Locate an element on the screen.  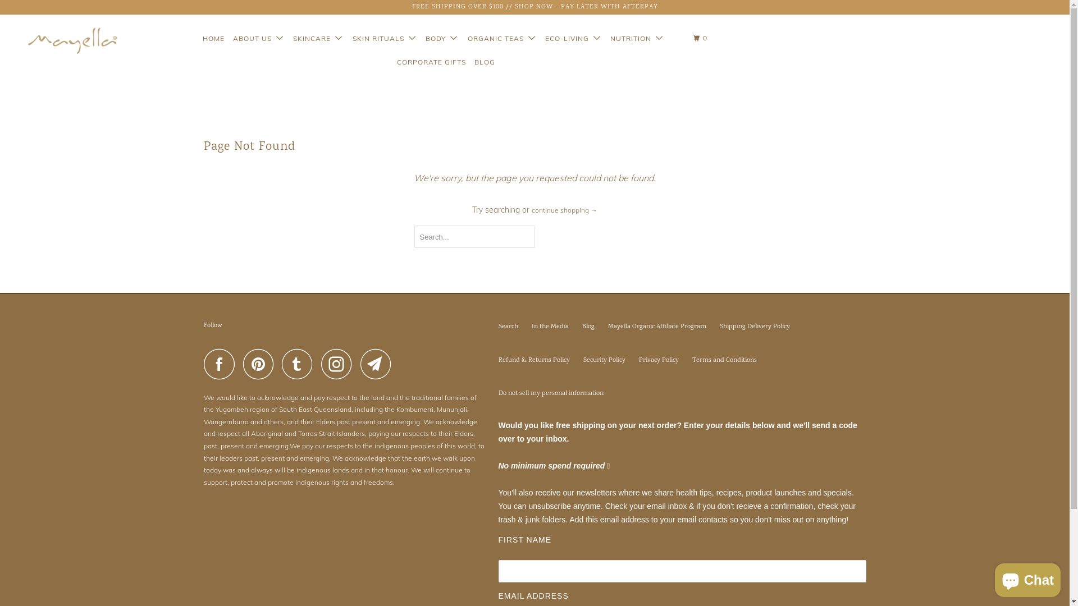
'Email Mayella Organics' is located at coordinates (379, 364).